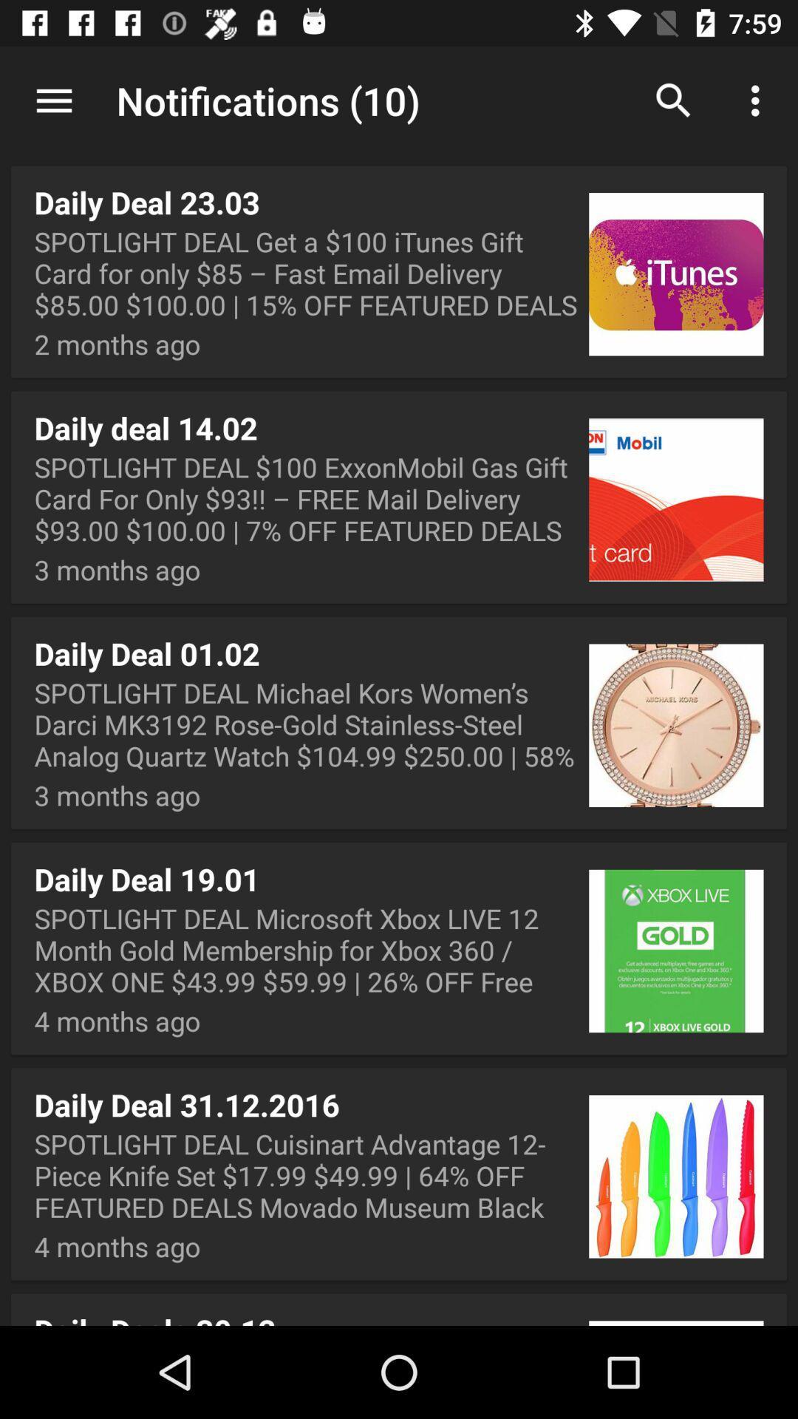  I want to click on the icon above the daily deal 23 app, so click(399, 102).